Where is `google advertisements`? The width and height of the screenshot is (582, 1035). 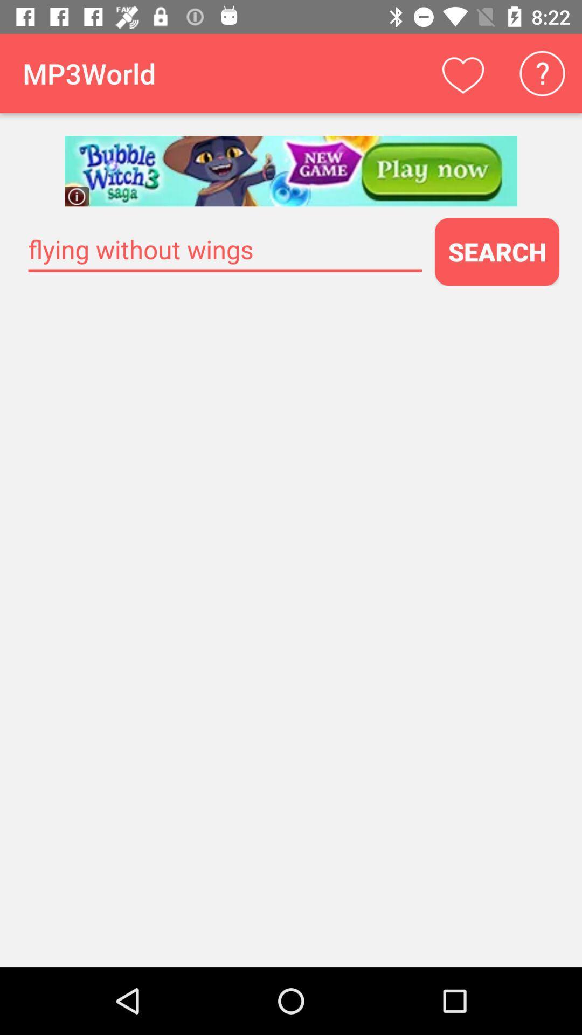 google advertisements is located at coordinates (291, 170).